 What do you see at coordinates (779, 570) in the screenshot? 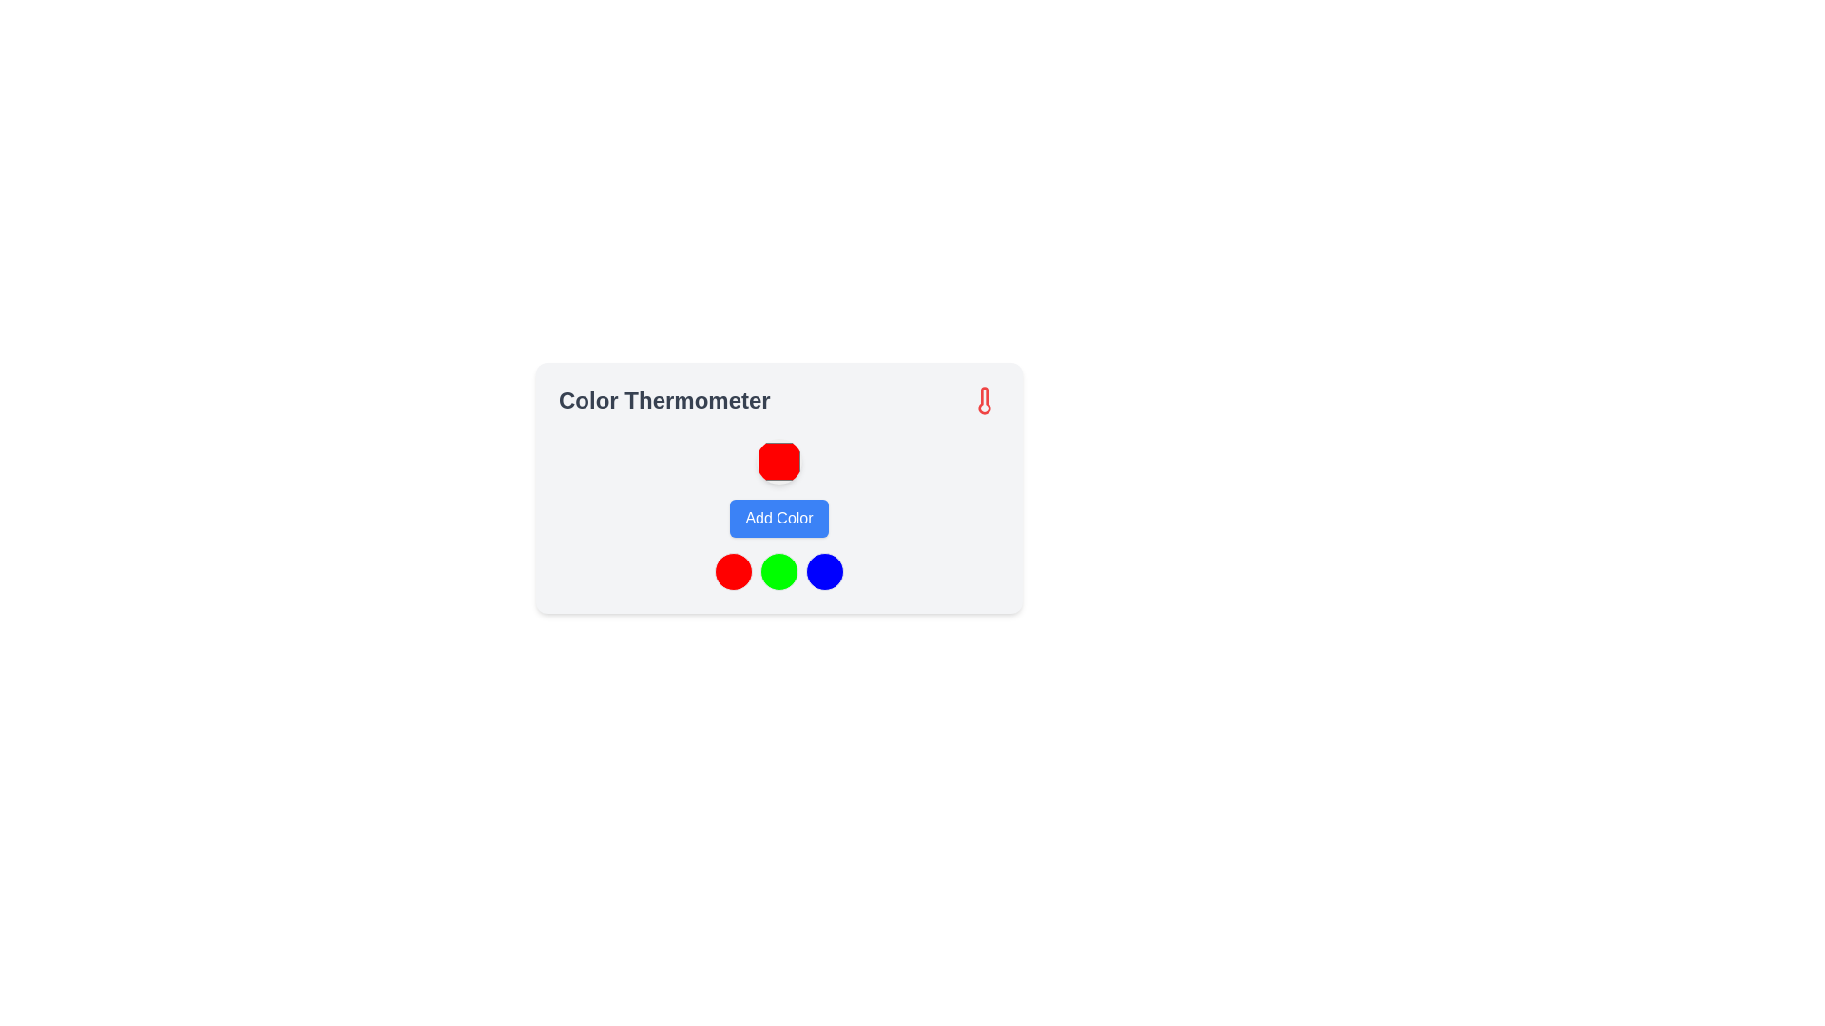
I see `the second colored circular marker, which is a vivid green button outlined in black, positioned between a red button on the left and a blue button on the right` at bounding box center [779, 570].